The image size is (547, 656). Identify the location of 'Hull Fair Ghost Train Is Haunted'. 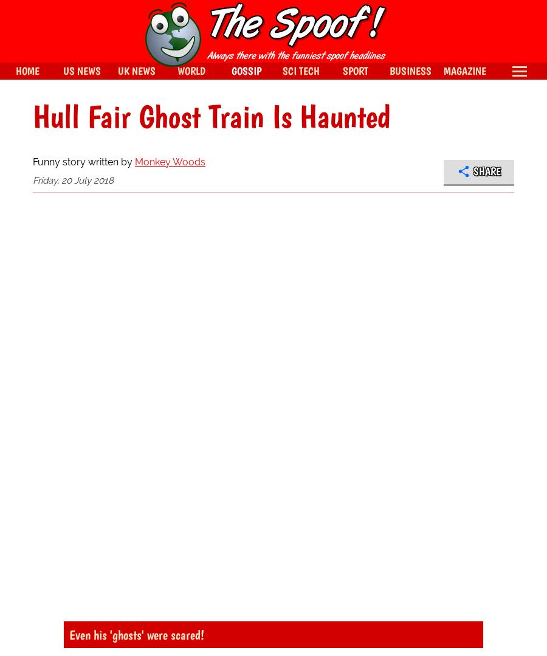
(212, 116).